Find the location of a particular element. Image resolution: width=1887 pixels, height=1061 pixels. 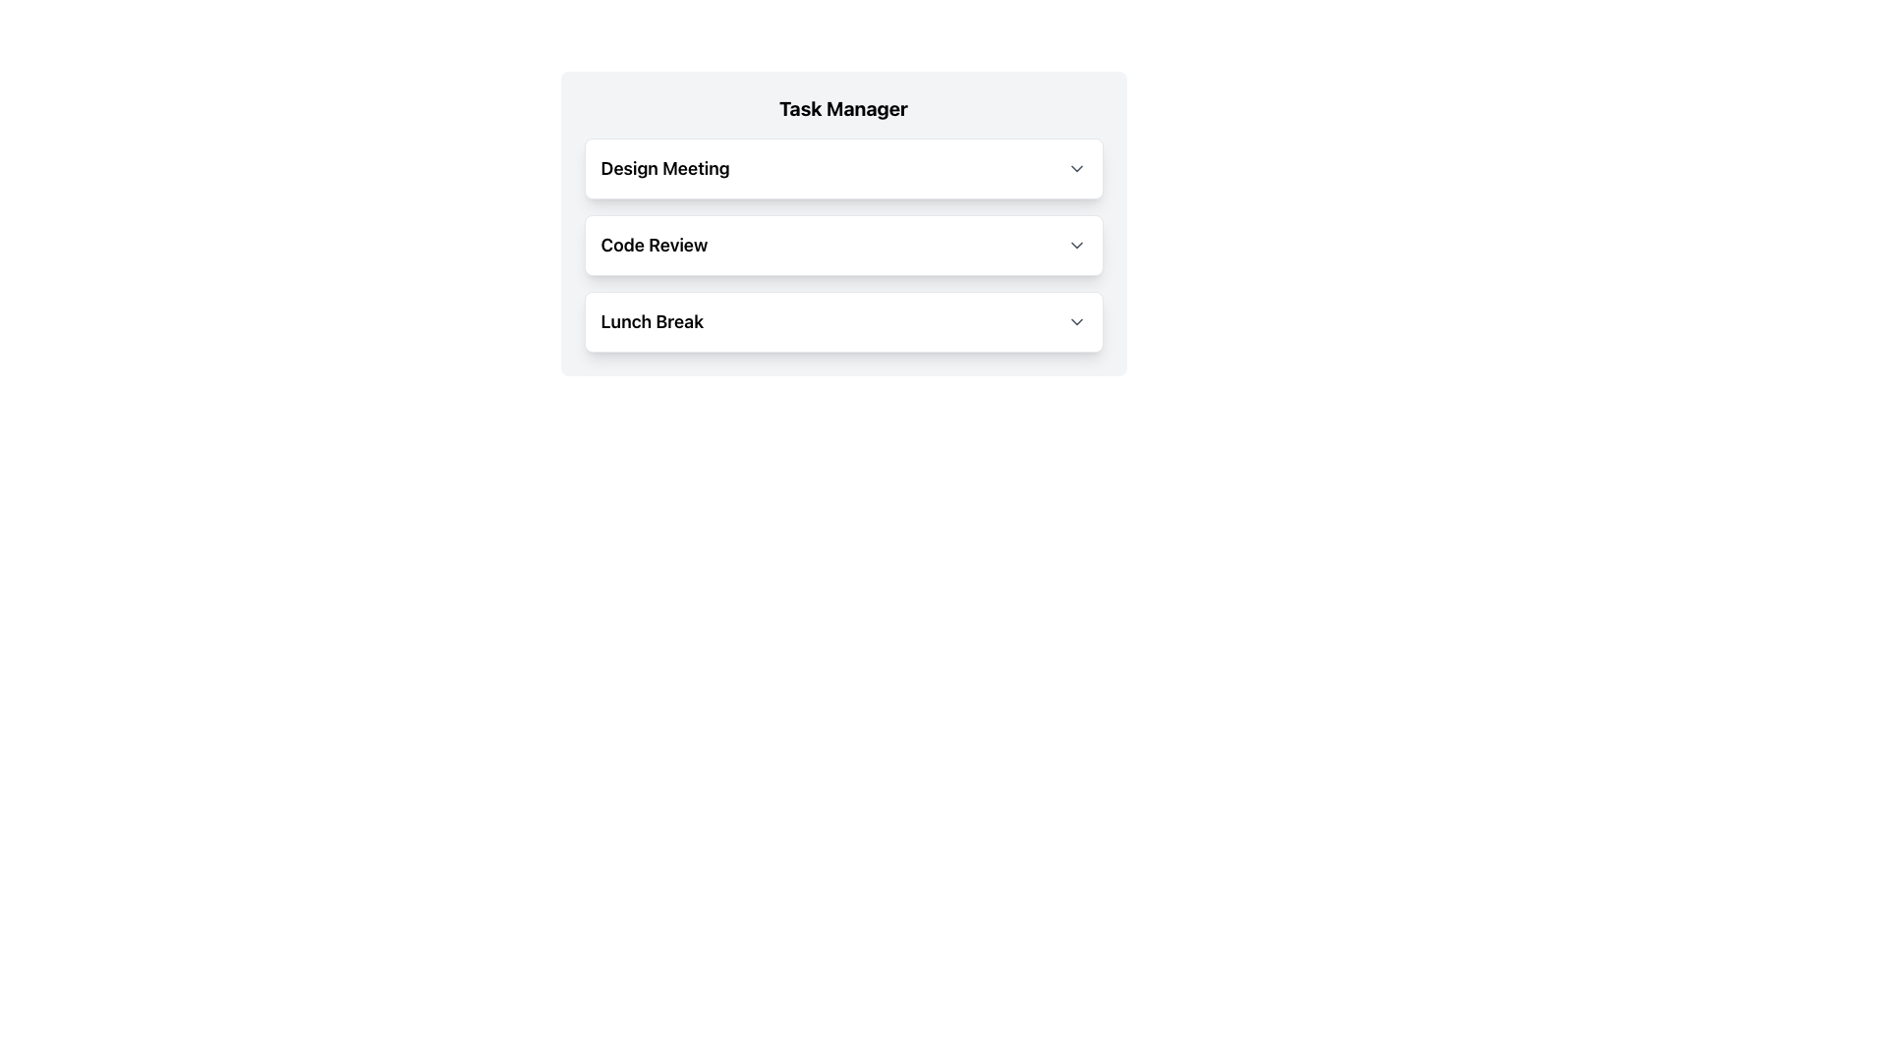

the downward-facing chevron icon located to the far right of the 'Lunch Break' text is located at coordinates (1075, 320).